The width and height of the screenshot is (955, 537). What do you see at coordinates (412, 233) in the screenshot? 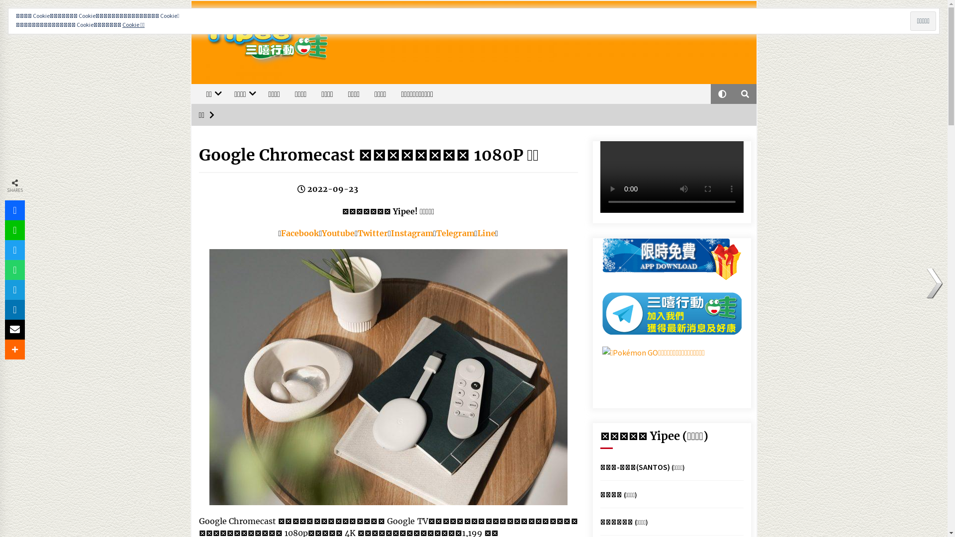
I see `'Instagram'` at bounding box center [412, 233].